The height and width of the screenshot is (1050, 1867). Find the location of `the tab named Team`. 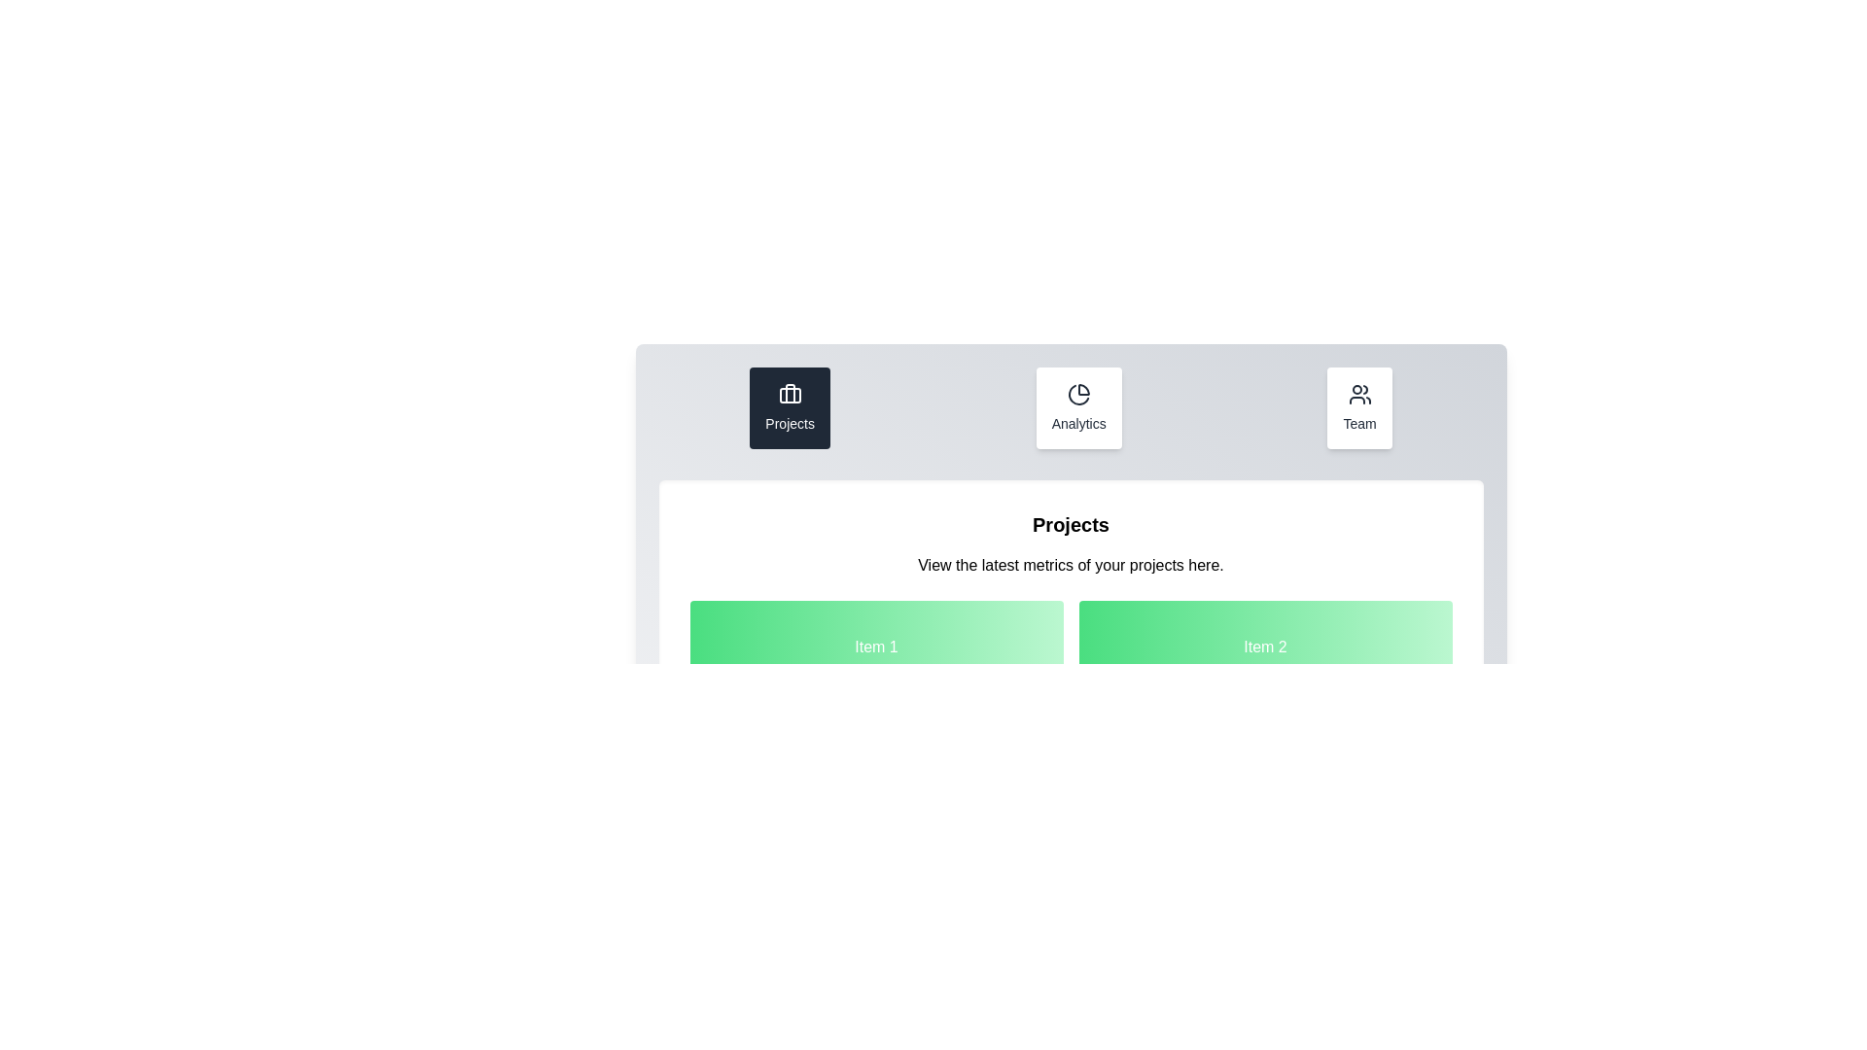

the tab named Team is located at coordinates (1358, 407).